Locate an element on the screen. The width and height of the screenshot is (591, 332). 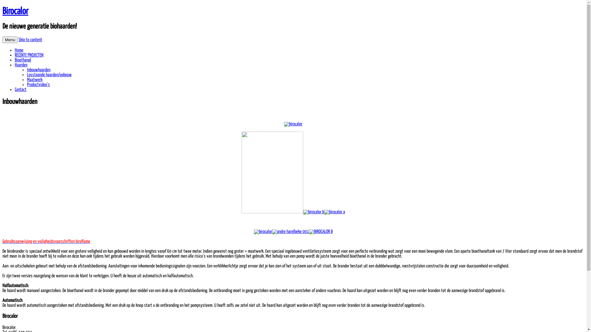
'RECENTE PROJECTEN' is located at coordinates (15, 55).